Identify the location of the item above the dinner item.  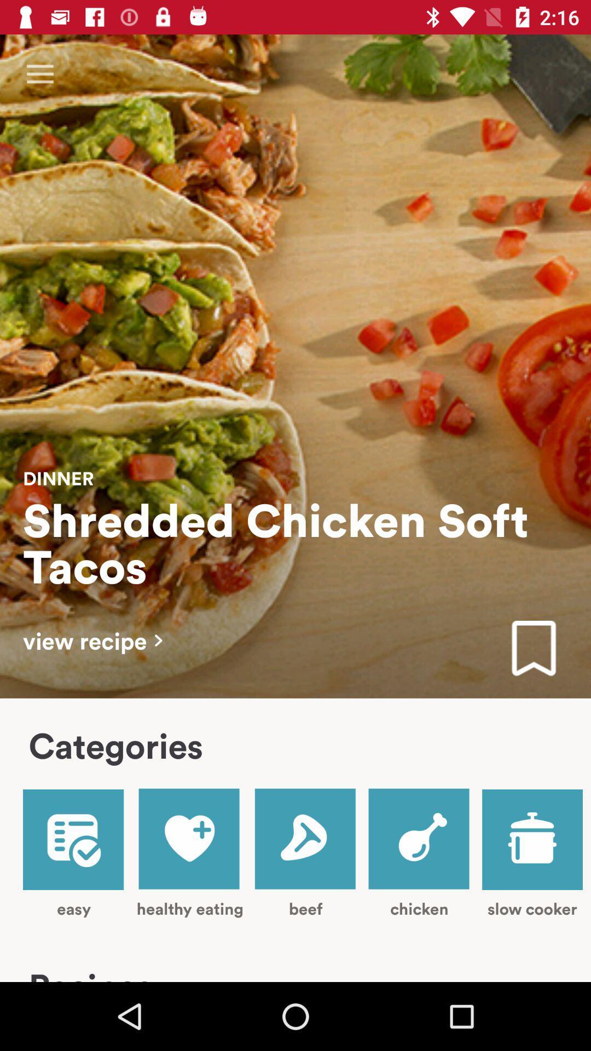
(39, 74).